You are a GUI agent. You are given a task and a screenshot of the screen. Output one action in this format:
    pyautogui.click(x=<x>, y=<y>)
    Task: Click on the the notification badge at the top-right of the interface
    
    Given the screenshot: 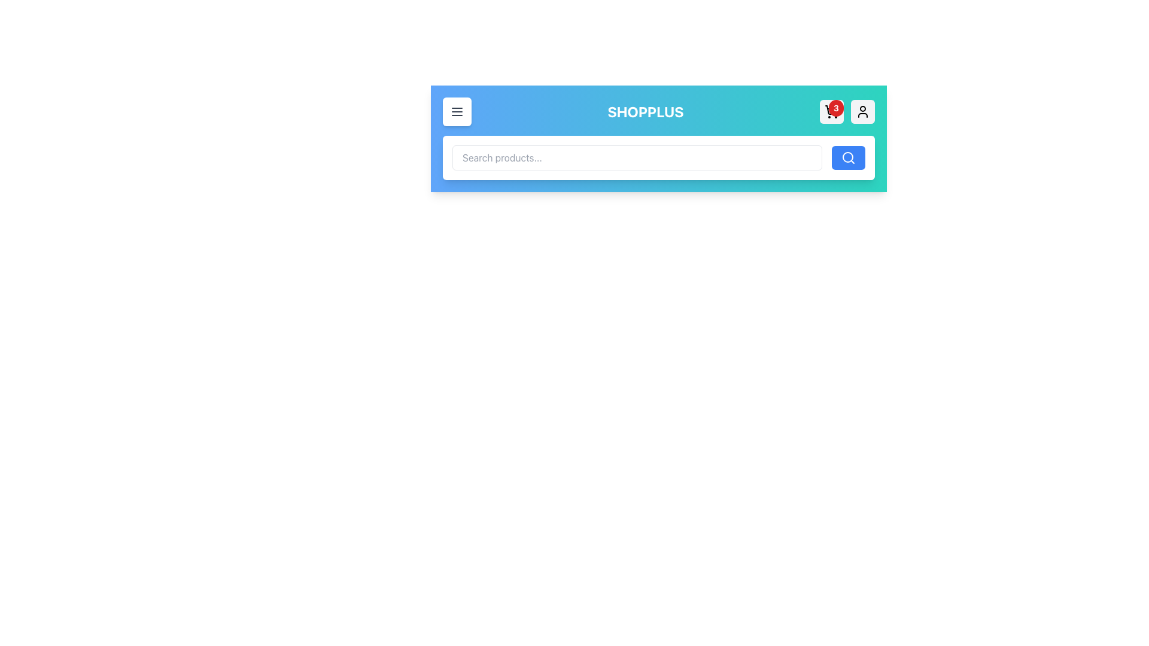 What is the action you would take?
    pyautogui.click(x=831, y=111)
    